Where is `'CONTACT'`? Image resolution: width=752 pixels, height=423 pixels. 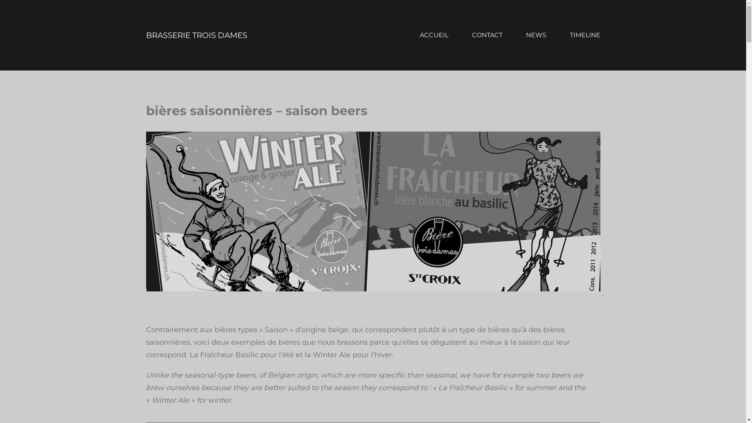
'CONTACT' is located at coordinates (486, 34).